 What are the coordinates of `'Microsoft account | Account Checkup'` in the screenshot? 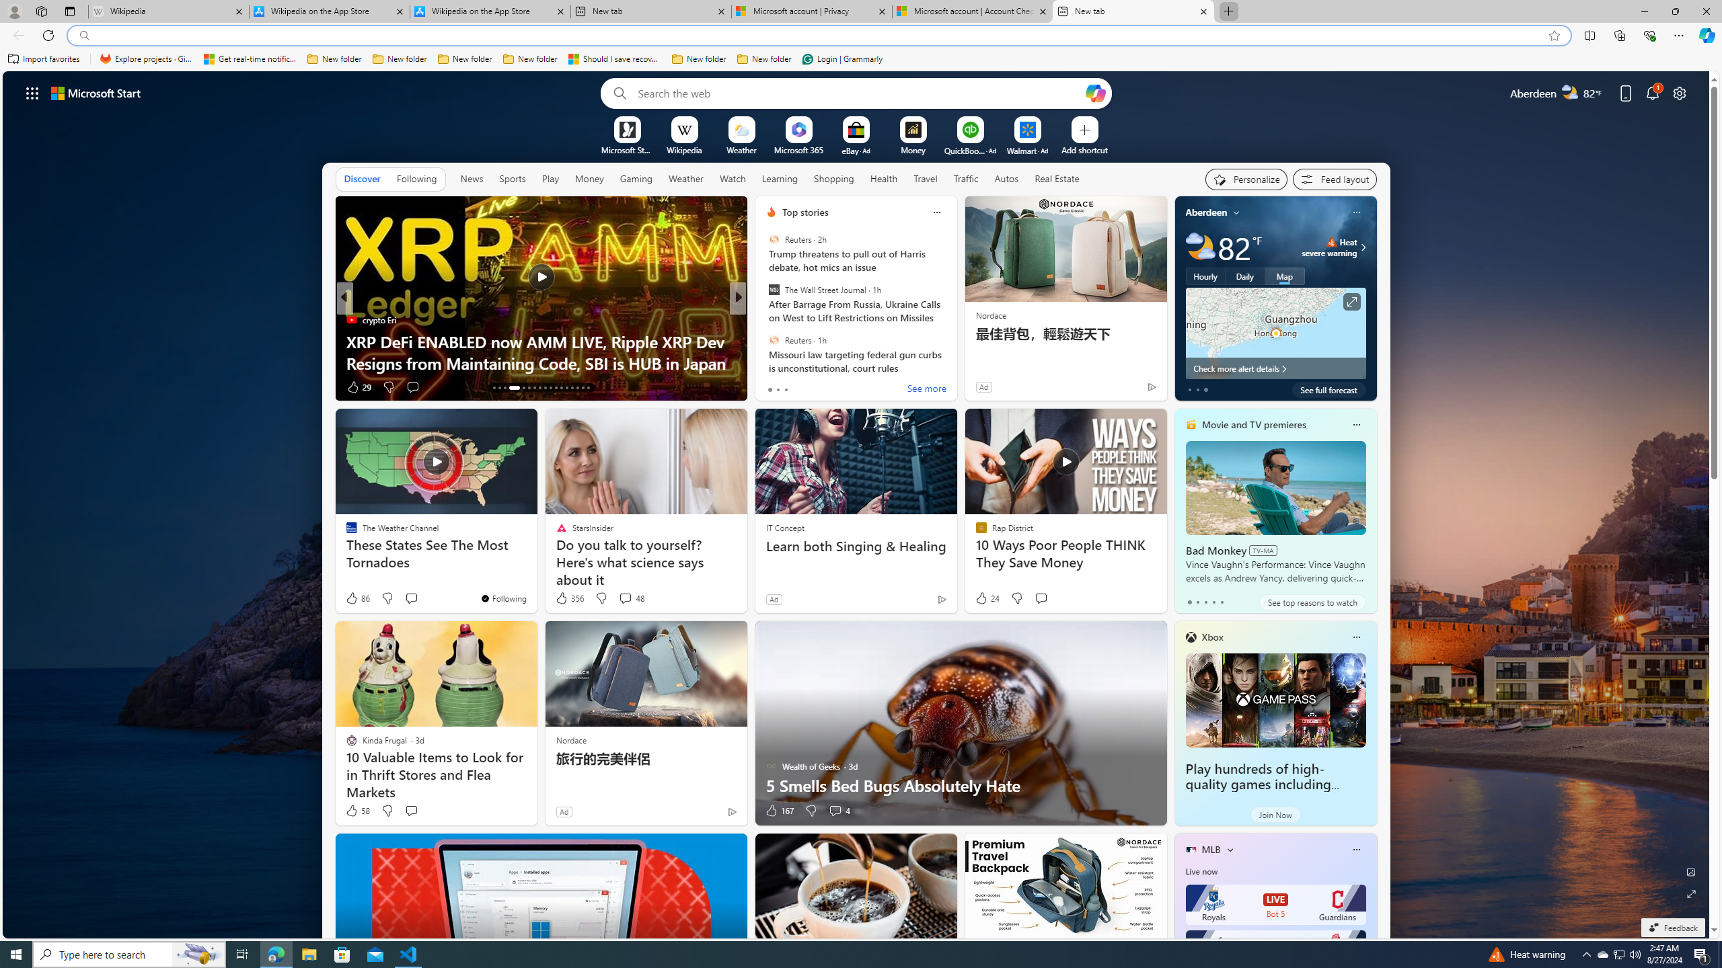 It's located at (973, 11).